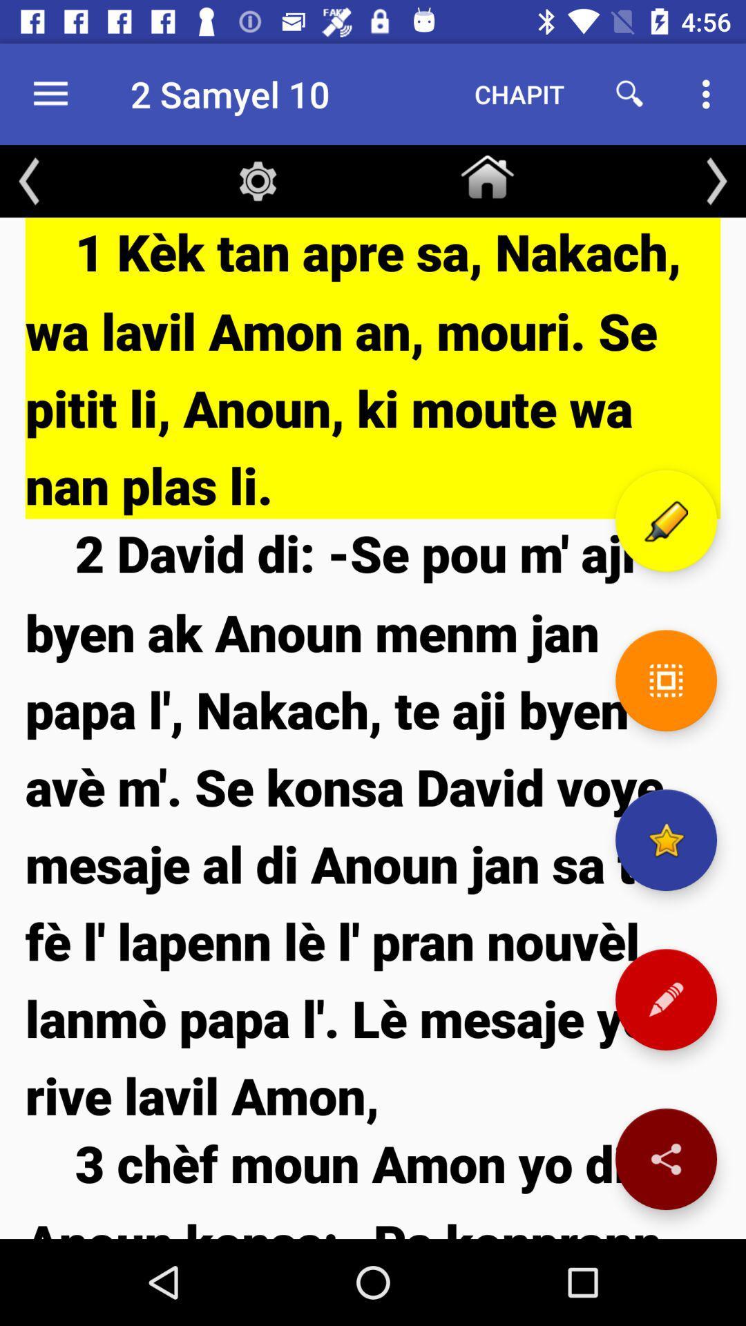 The height and width of the screenshot is (1326, 746). I want to click on the edit icon, so click(665, 999).